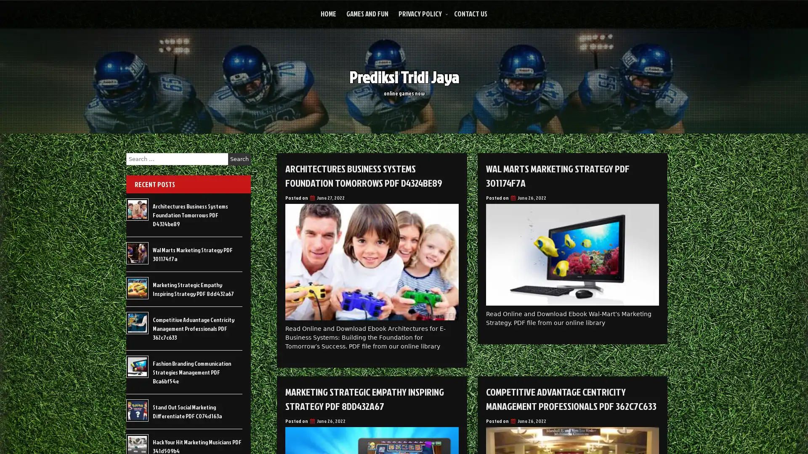 Image resolution: width=808 pixels, height=454 pixels. I want to click on Search, so click(239, 159).